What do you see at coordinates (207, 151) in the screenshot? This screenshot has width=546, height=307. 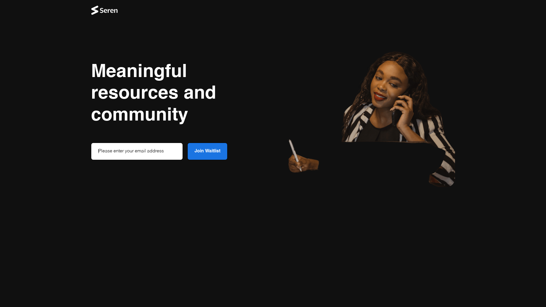 I see `'Join Waitlist'` at bounding box center [207, 151].